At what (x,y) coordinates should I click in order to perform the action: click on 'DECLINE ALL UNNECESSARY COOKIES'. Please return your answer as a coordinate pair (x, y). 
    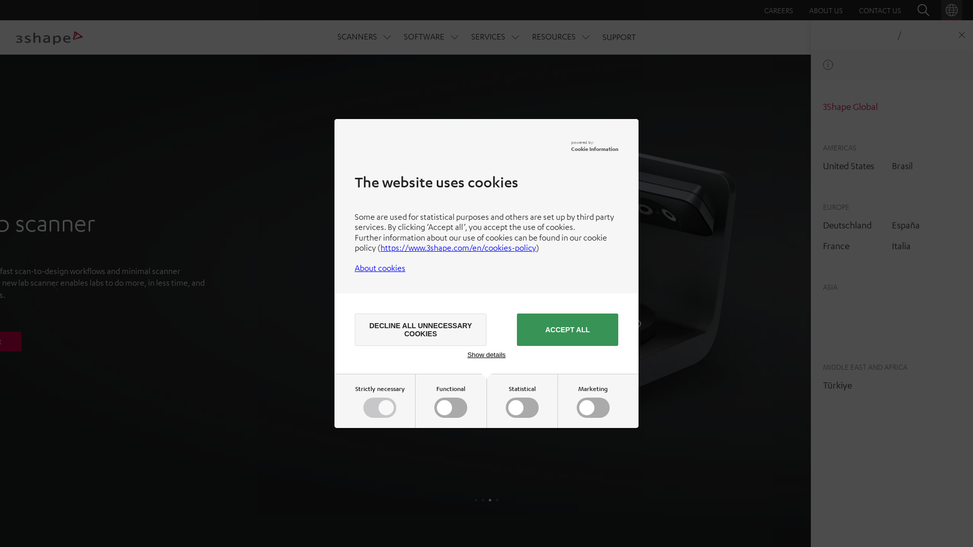
    Looking at the image, I should click on (421, 330).